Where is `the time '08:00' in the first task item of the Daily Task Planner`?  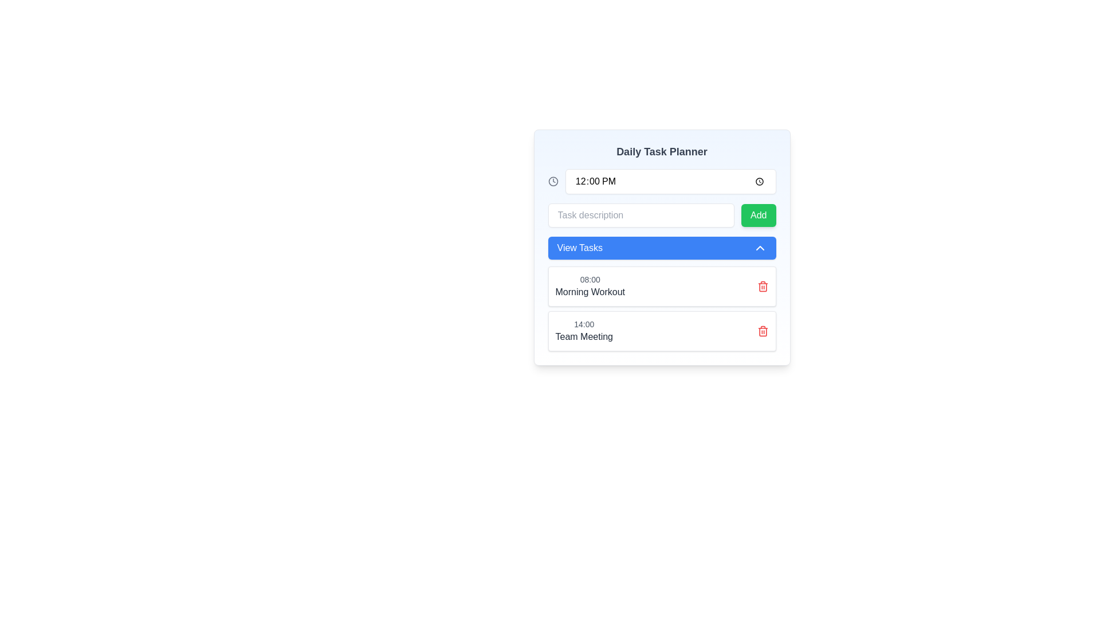 the time '08:00' in the first task item of the Daily Task Planner is located at coordinates (662, 286).